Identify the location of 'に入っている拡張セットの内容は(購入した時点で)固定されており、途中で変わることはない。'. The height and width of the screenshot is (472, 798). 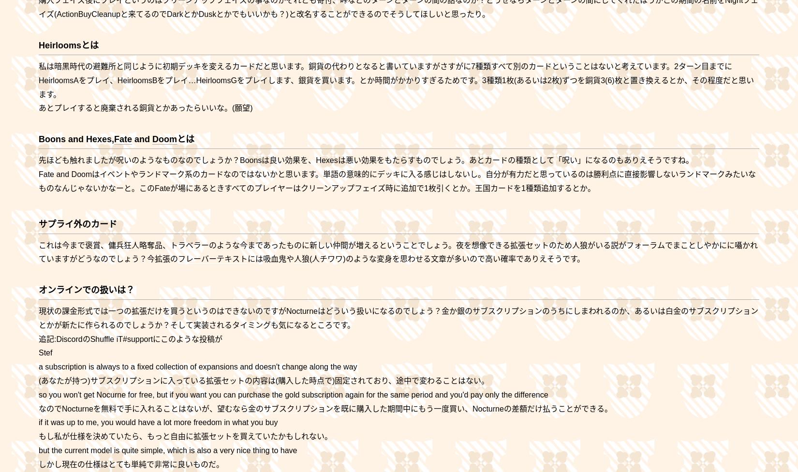
(324, 381).